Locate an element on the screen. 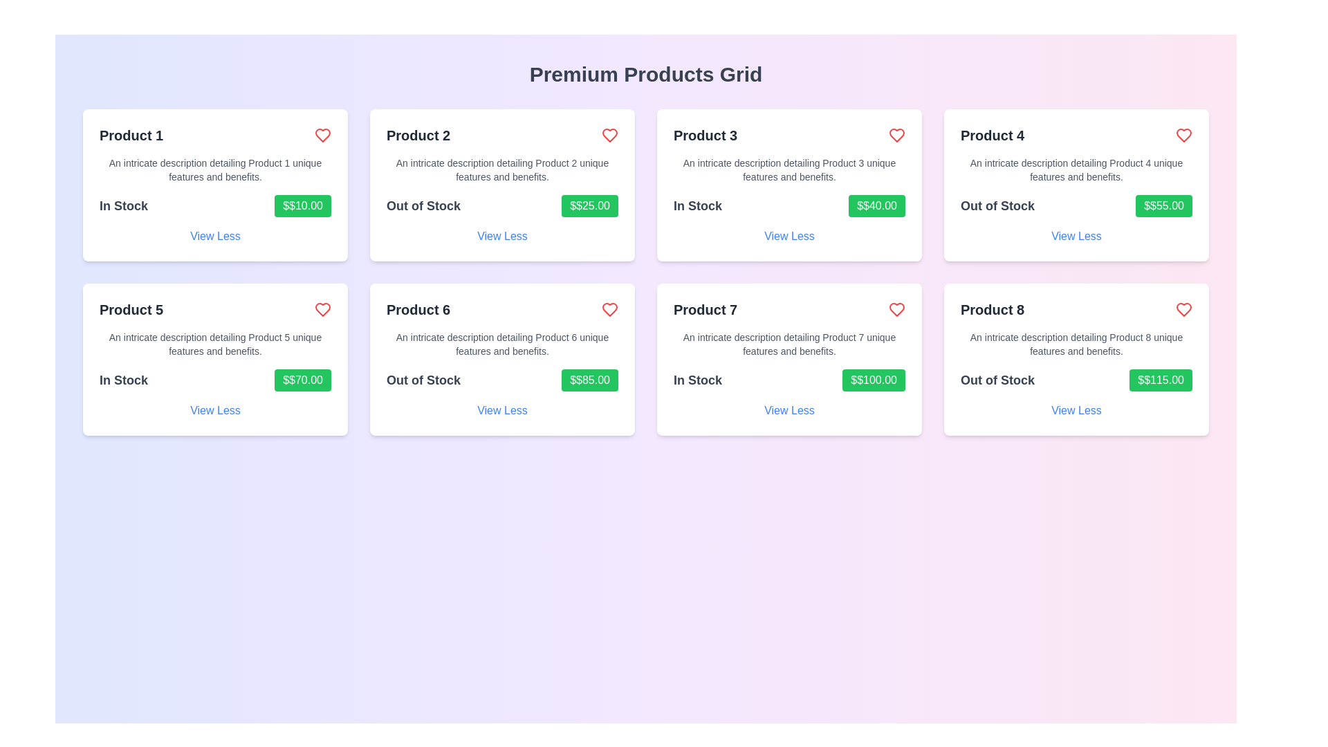 Image resolution: width=1328 pixels, height=747 pixels. the price button in the bottom right section of the 'Product 4' card is located at coordinates (1163, 205).